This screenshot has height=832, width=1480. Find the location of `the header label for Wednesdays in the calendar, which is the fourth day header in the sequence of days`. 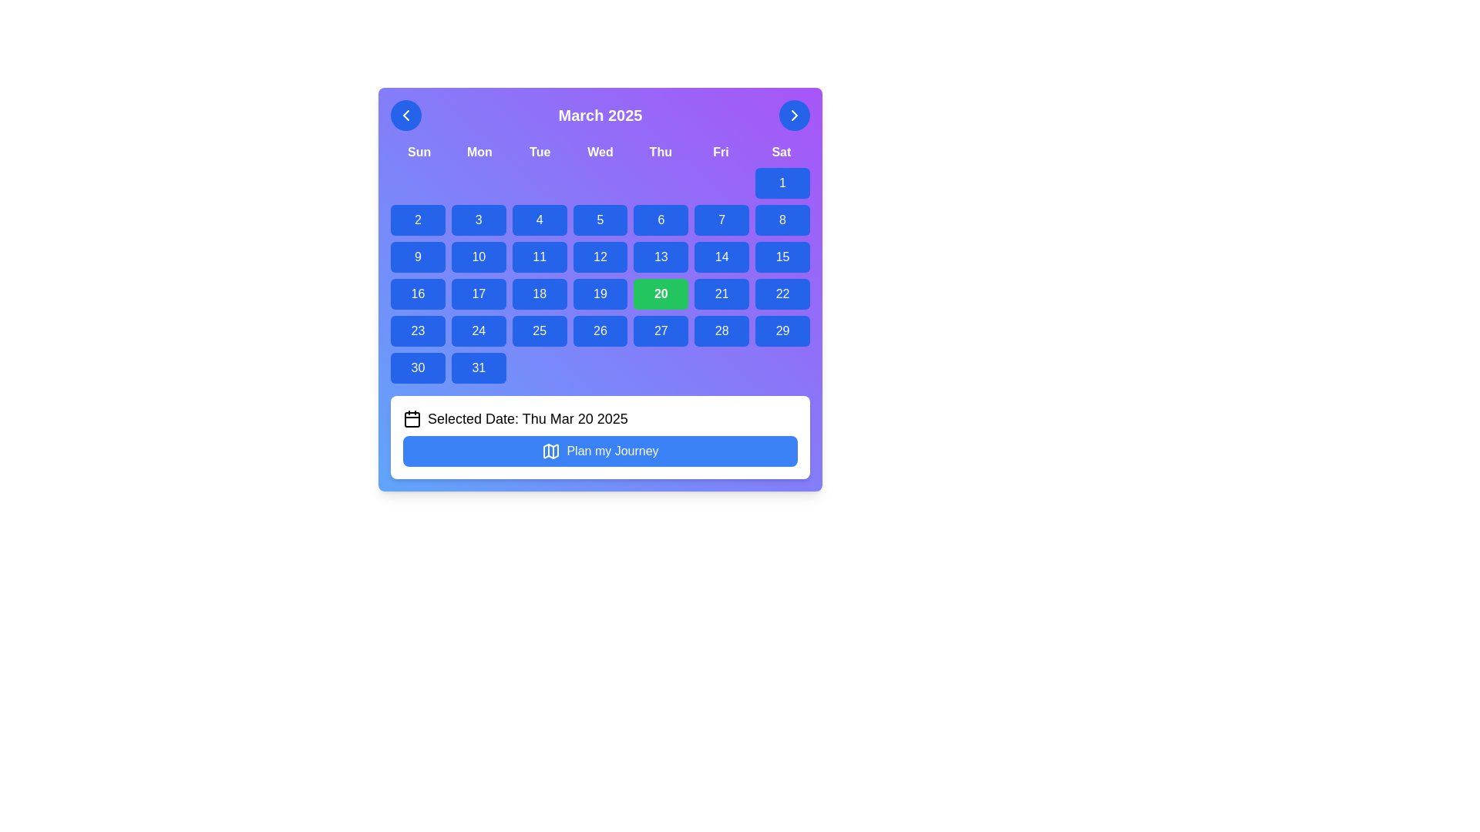

the header label for Wednesdays in the calendar, which is the fourth day header in the sequence of days is located at coordinates (599, 152).